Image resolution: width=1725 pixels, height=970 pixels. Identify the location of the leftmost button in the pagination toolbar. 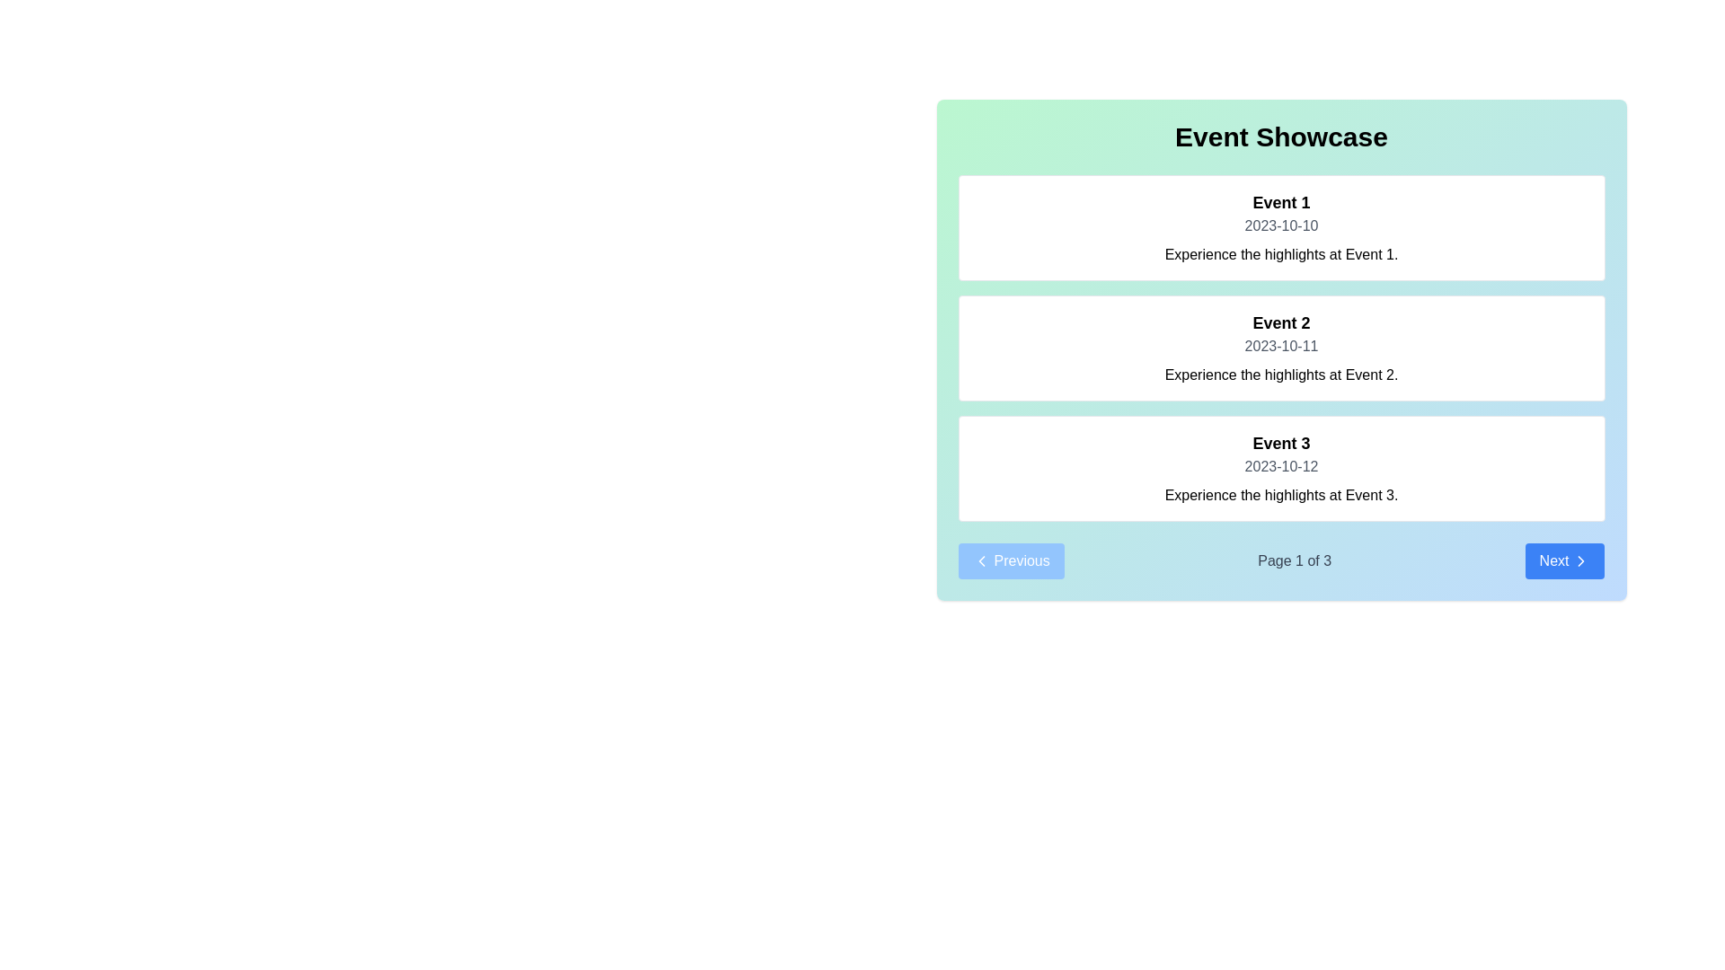
(1011, 560).